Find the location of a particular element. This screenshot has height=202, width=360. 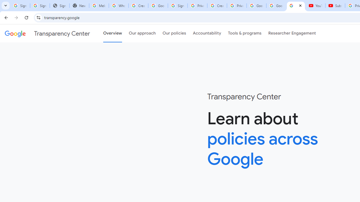

'Sign in - Google Accounts' is located at coordinates (177, 6).